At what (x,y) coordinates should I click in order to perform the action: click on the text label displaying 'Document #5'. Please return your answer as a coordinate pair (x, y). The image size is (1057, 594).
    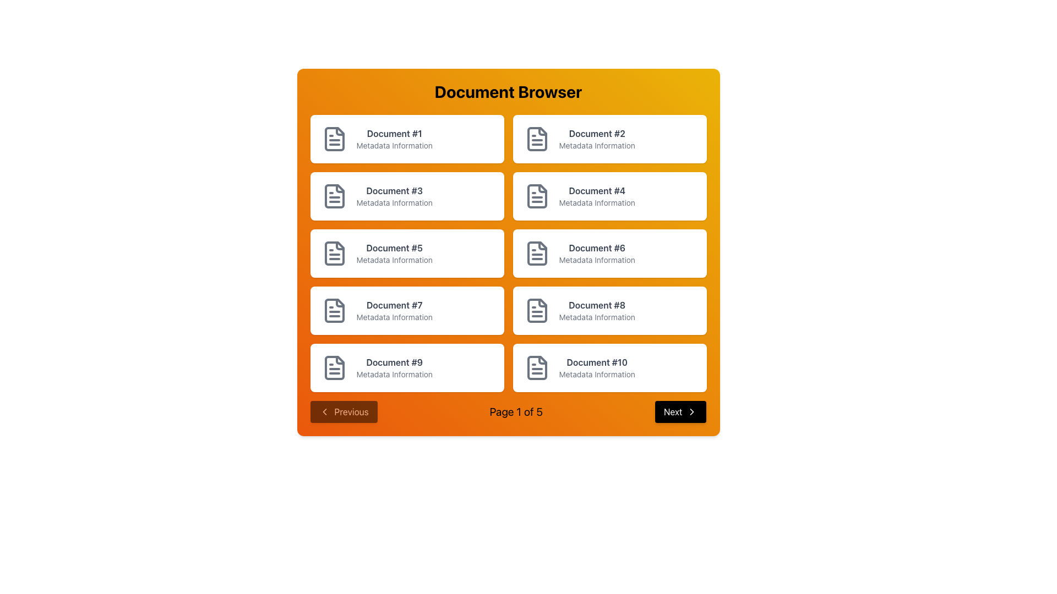
    Looking at the image, I should click on (394, 254).